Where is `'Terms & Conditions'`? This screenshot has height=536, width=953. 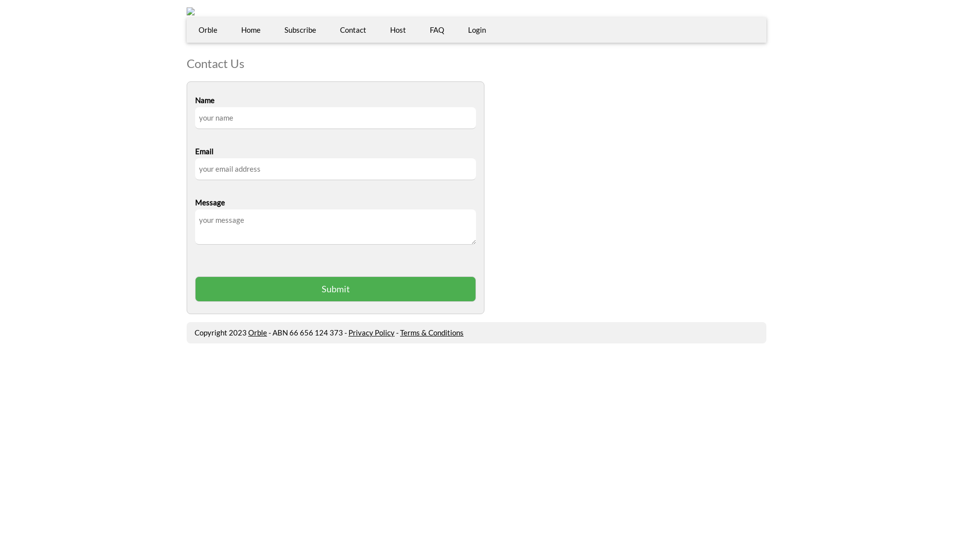 'Terms & Conditions' is located at coordinates (431, 333).